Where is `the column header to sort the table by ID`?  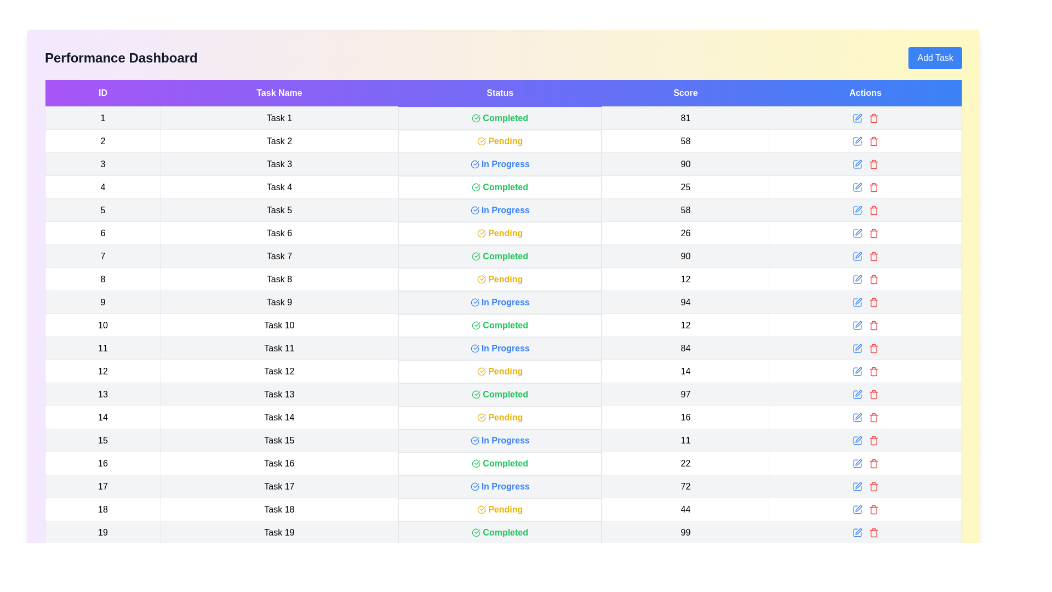
the column header to sort the table by ID is located at coordinates (102, 93).